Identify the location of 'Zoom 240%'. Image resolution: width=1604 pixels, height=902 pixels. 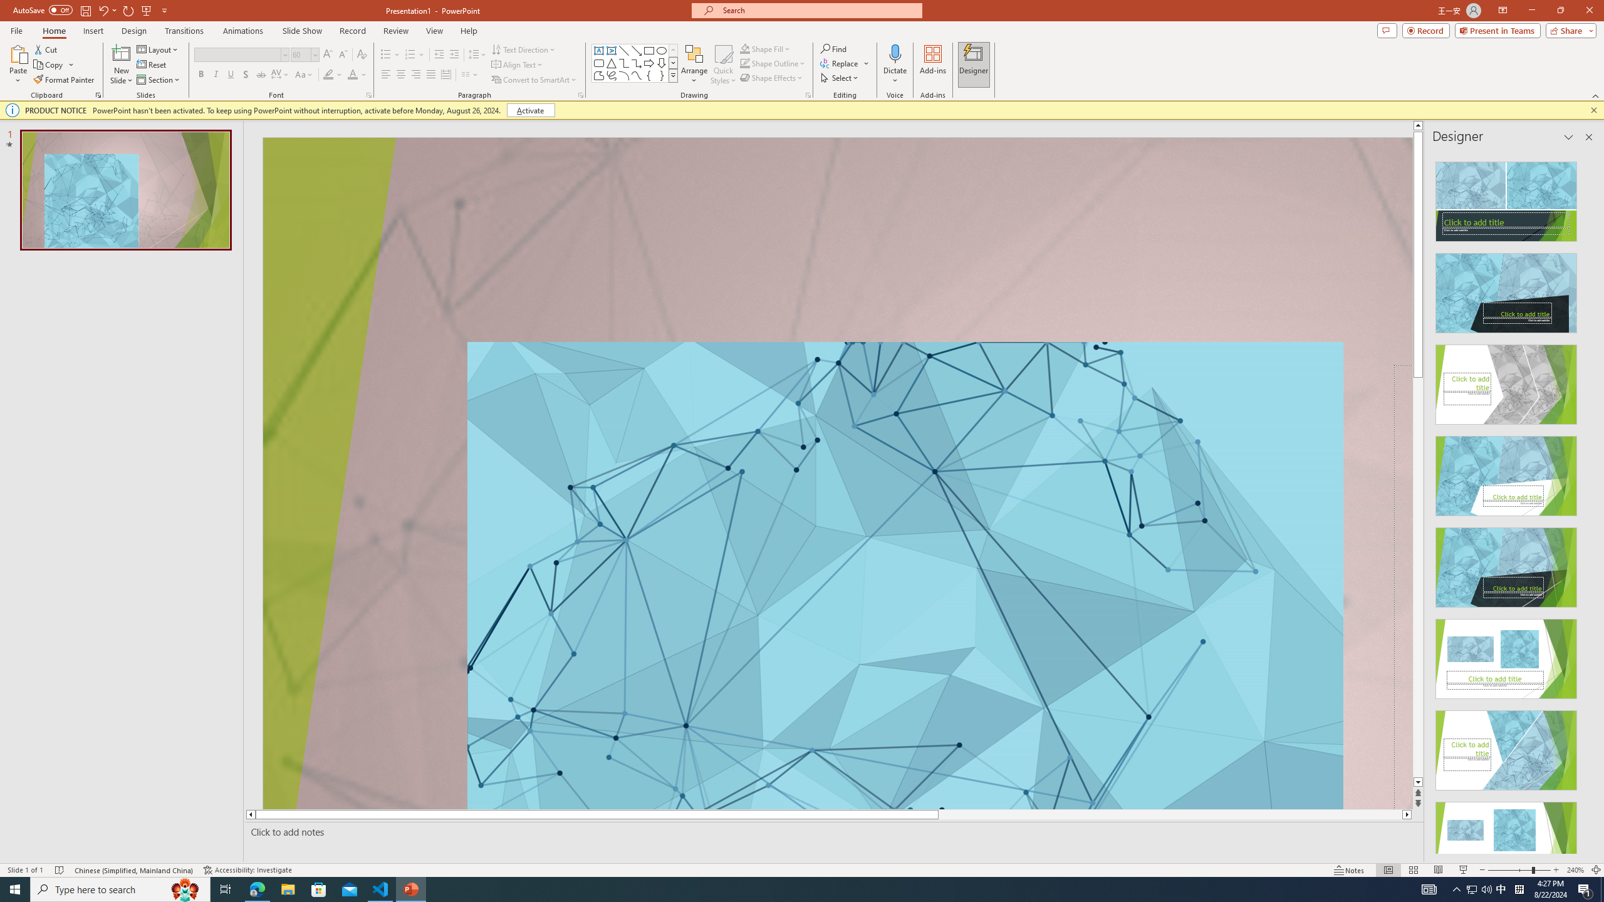
(1576, 870).